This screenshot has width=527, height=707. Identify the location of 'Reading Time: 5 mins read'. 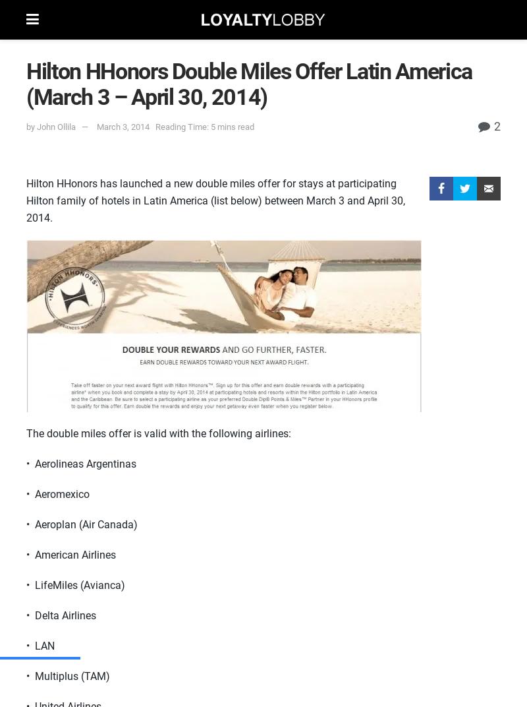
(204, 125).